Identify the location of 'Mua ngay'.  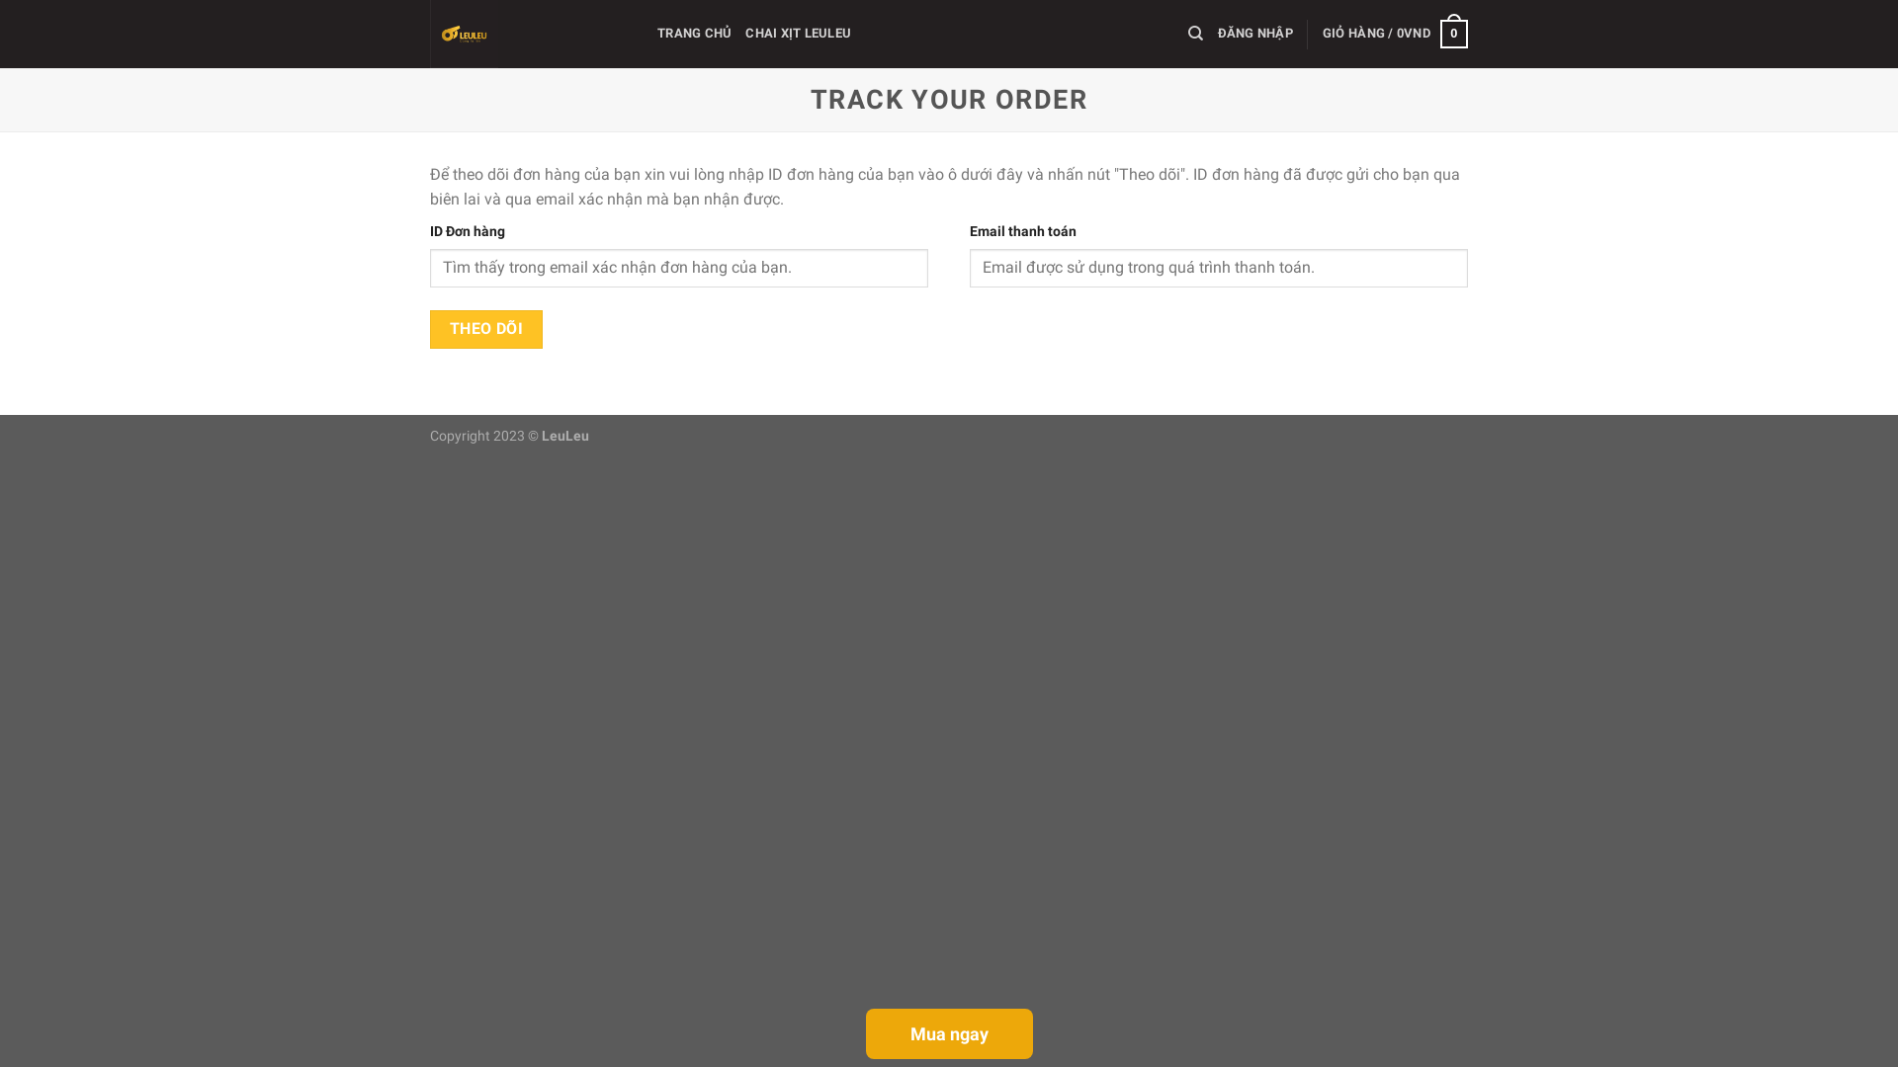
(949, 1032).